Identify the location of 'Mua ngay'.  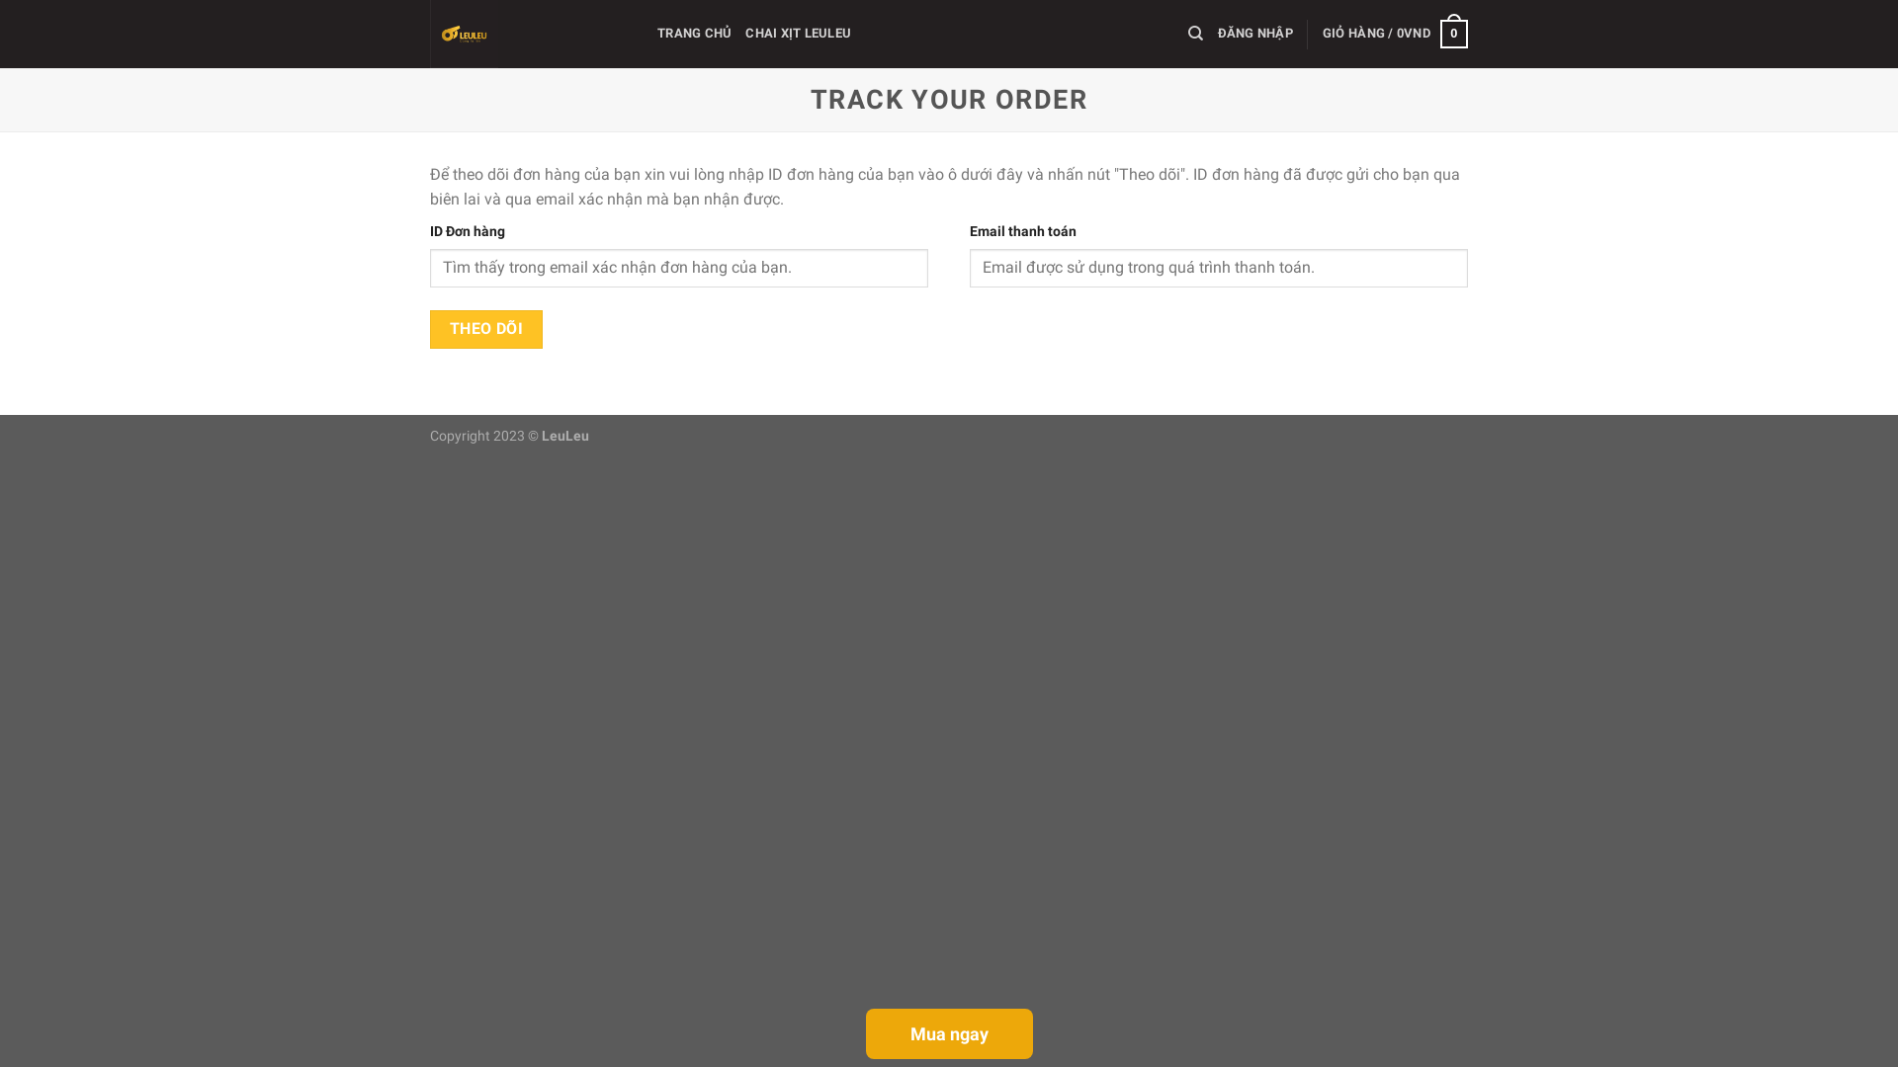
(949, 1032).